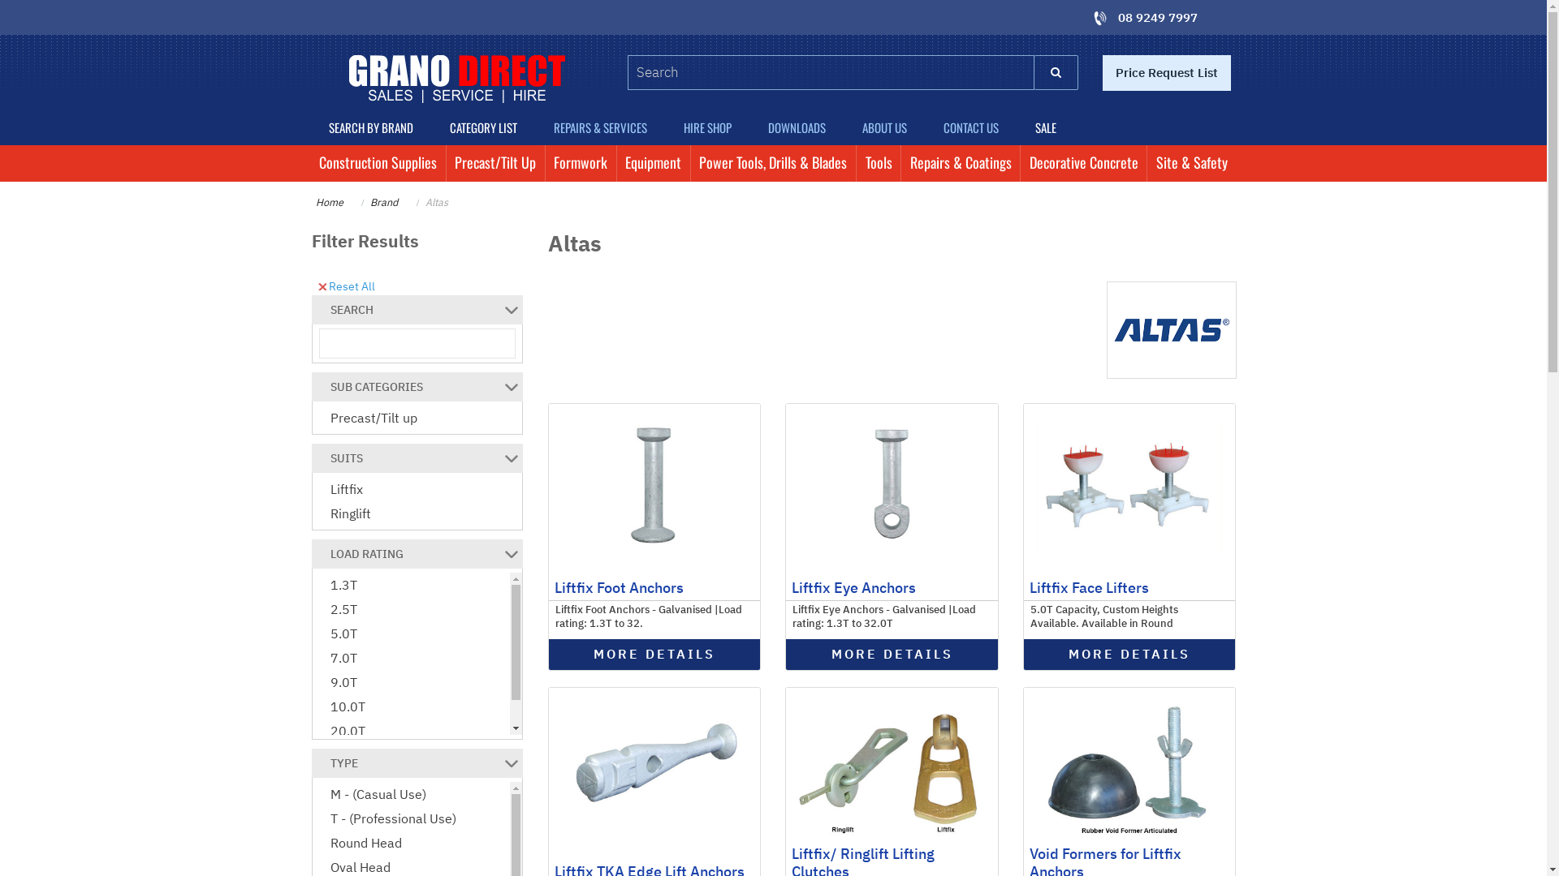  Describe the element at coordinates (327, 201) in the screenshot. I see `'Home'` at that location.